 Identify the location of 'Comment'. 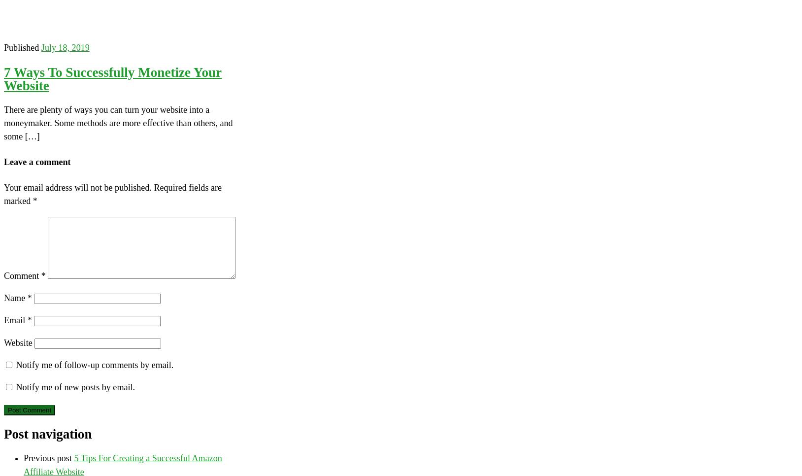
(22, 275).